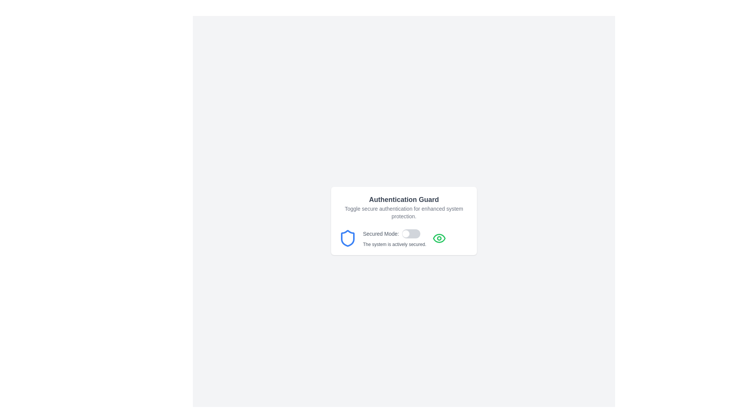 The height and width of the screenshot is (410, 729). I want to click on static informational label indicating that the system is currently in a secured state, located below the 'Secured Mode' toggle switch, so click(394, 244).